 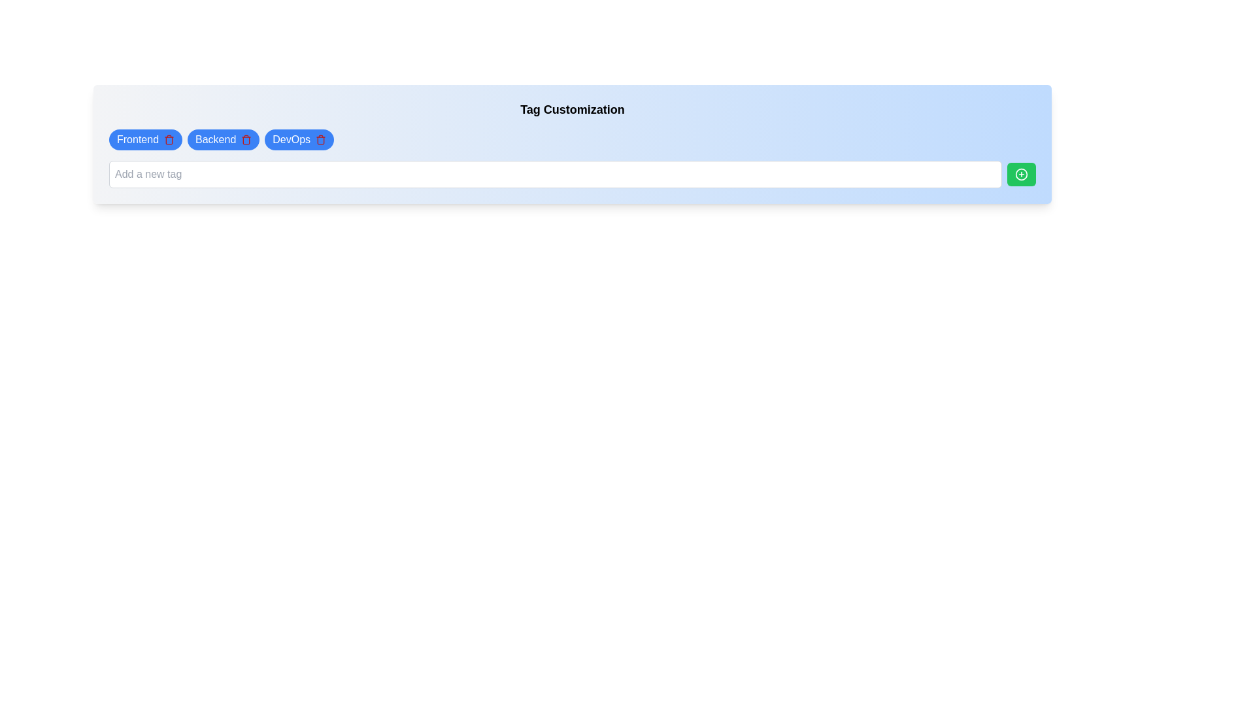 What do you see at coordinates (1021, 173) in the screenshot?
I see `the button located to the right of the text input field to initiate the addition of a new tag or entry` at bounding box center [1021, 173].